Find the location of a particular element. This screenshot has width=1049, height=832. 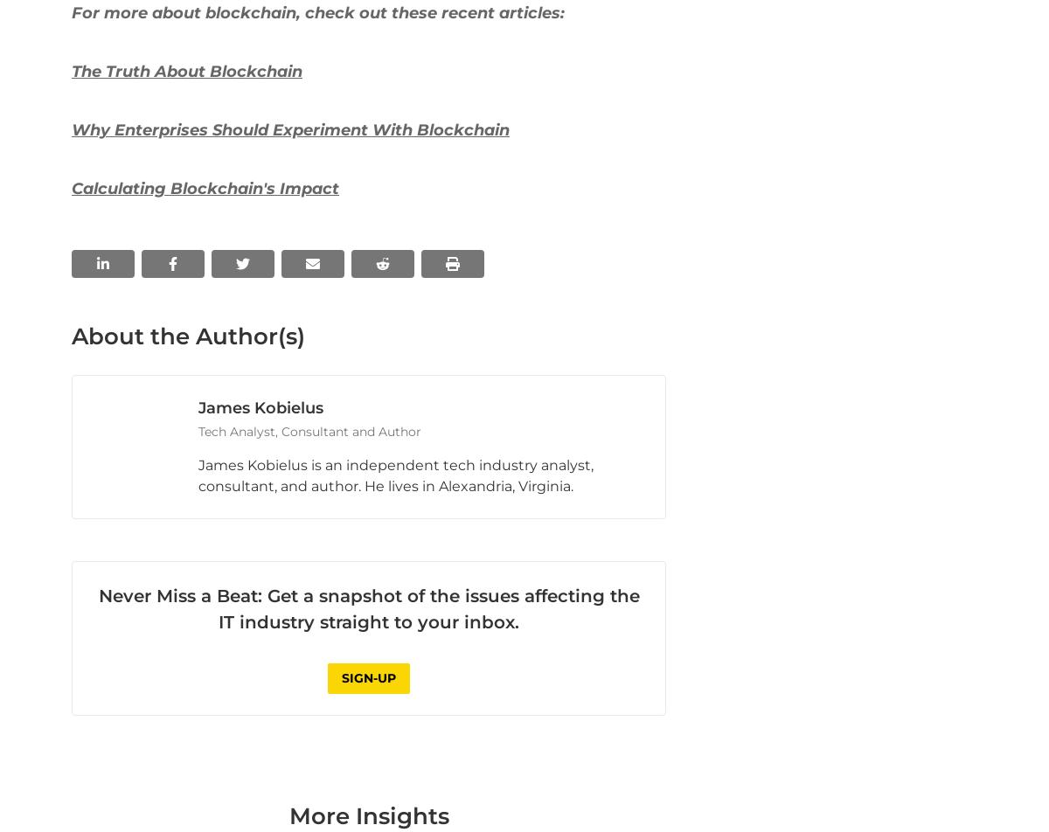

'compliance' is located at coordinates (286, 119).